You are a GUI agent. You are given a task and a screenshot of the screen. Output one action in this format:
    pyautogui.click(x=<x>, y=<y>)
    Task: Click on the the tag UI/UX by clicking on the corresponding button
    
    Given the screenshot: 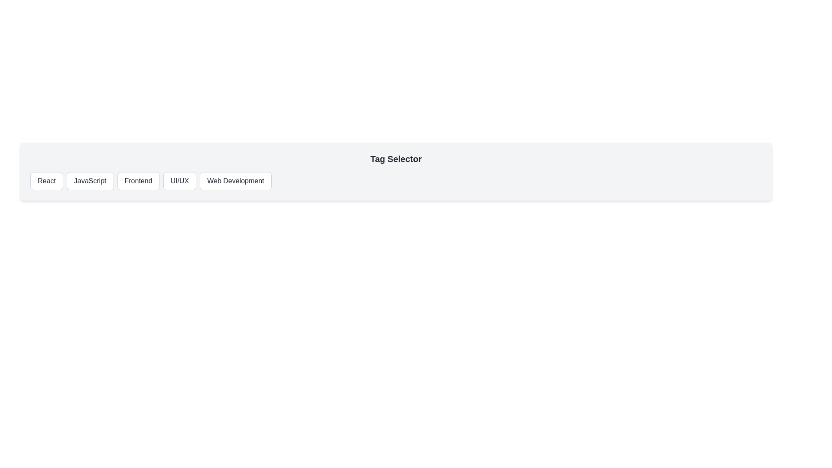 What is the action you would take?
    pyautogui.click(x=179, y=180)
    